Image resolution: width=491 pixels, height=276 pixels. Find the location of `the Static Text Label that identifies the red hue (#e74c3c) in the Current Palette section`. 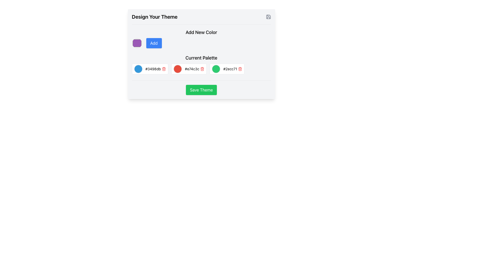

the Static Text Label that identifies the red hue (#e74c3c) in the Current Palette section is located at coordinates (192, 69).